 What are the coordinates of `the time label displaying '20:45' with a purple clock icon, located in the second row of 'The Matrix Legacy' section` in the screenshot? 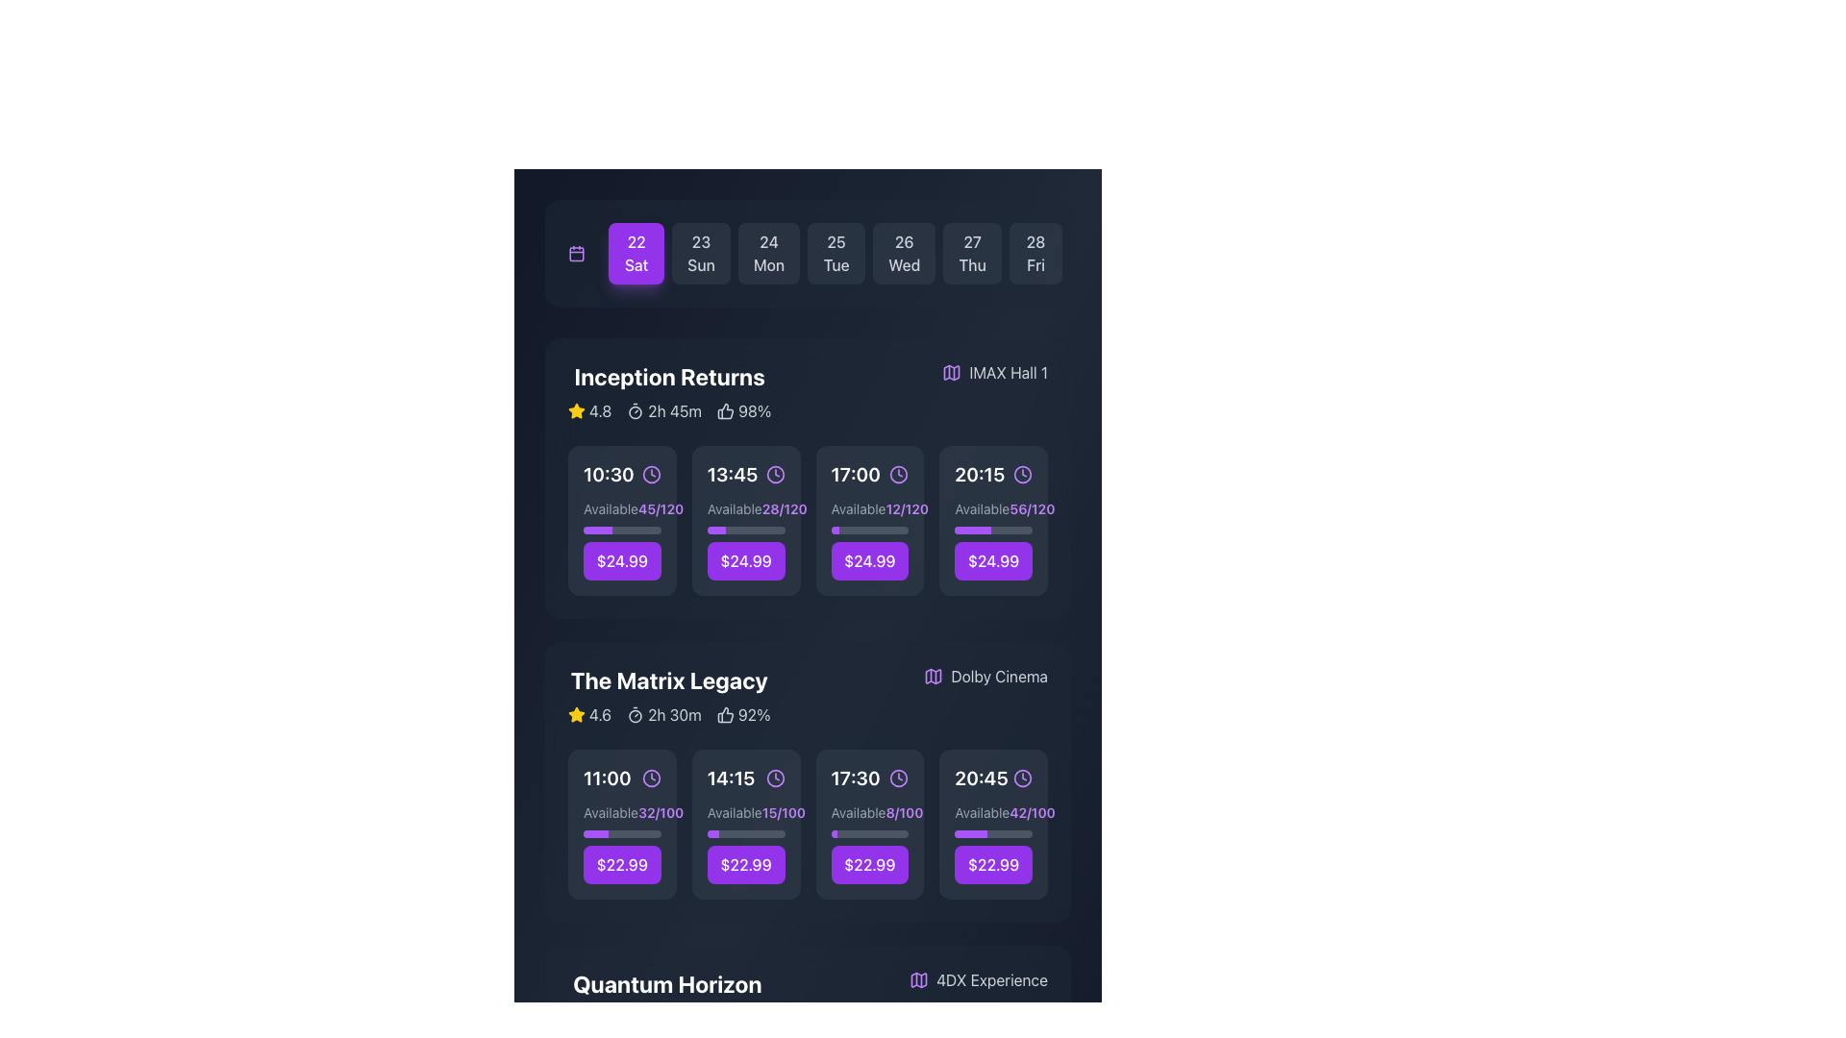 It's located at (993, 778).